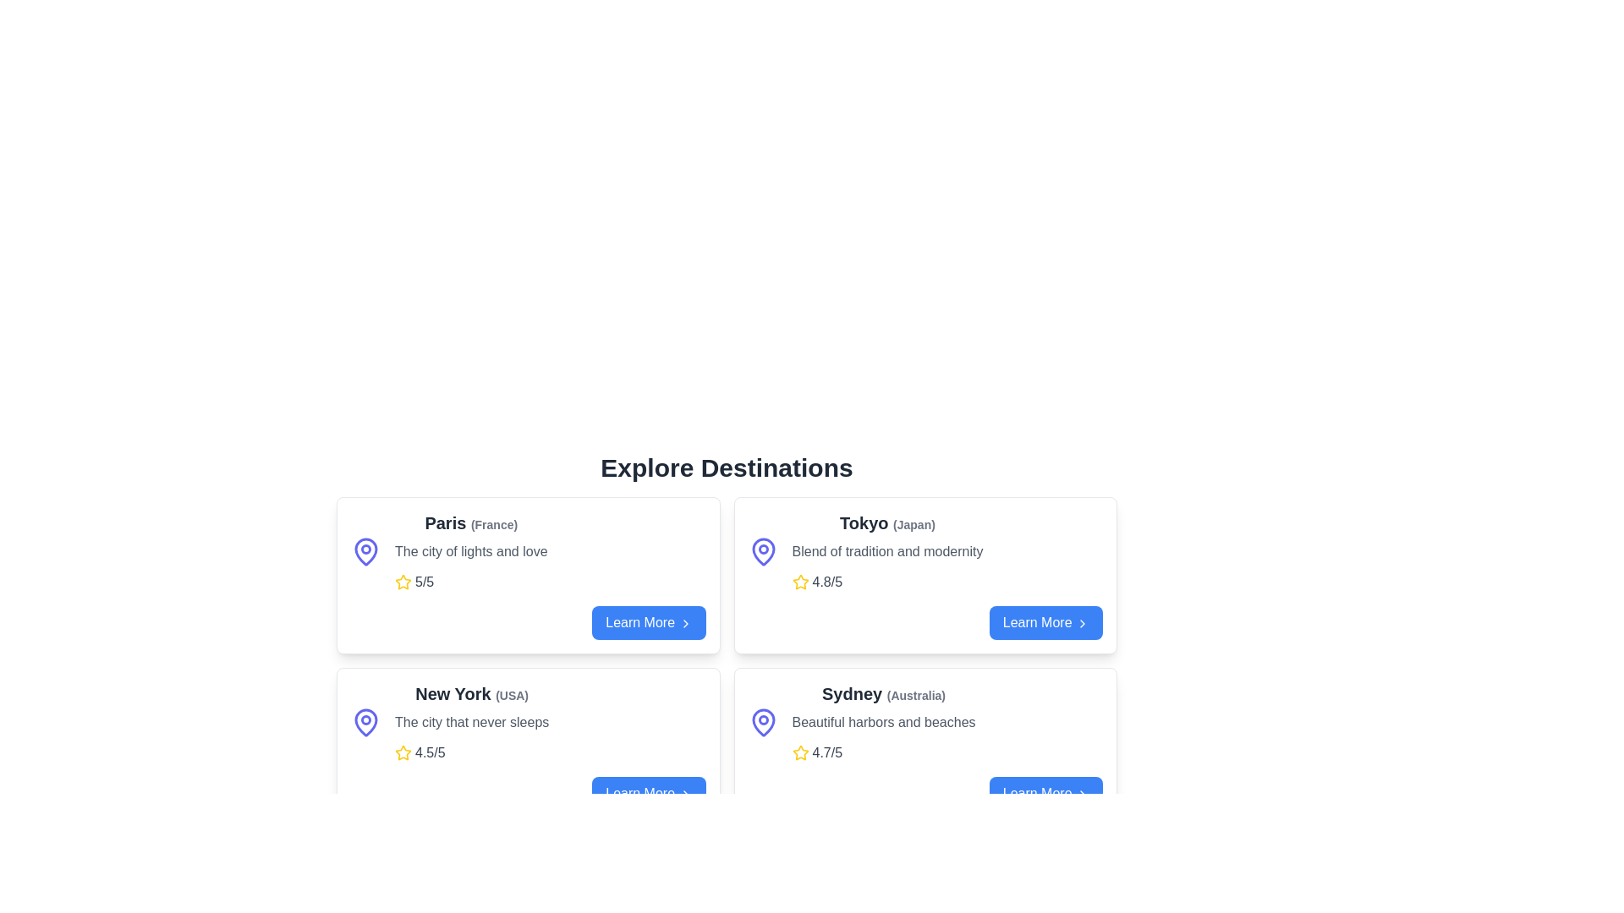 Image resolution: width=1624 pixels, height=913 pixels. I want to click on the text element displaying 'The city of lights and love', which is located below the title 'Paris' and above the rating information within the destination card for 'Paris (France)', so click(471, 551).